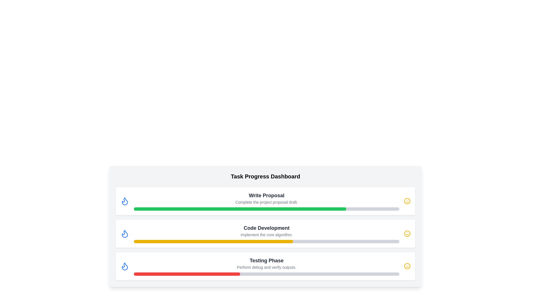  What do you see at coordinates (266, 235) in the screenshot?
I see `the text element that says 'Implement the core algorithm.' which is styled in a smaller gray font and positioned below the 'Code Development' heading` at bounding box center [266, 235].